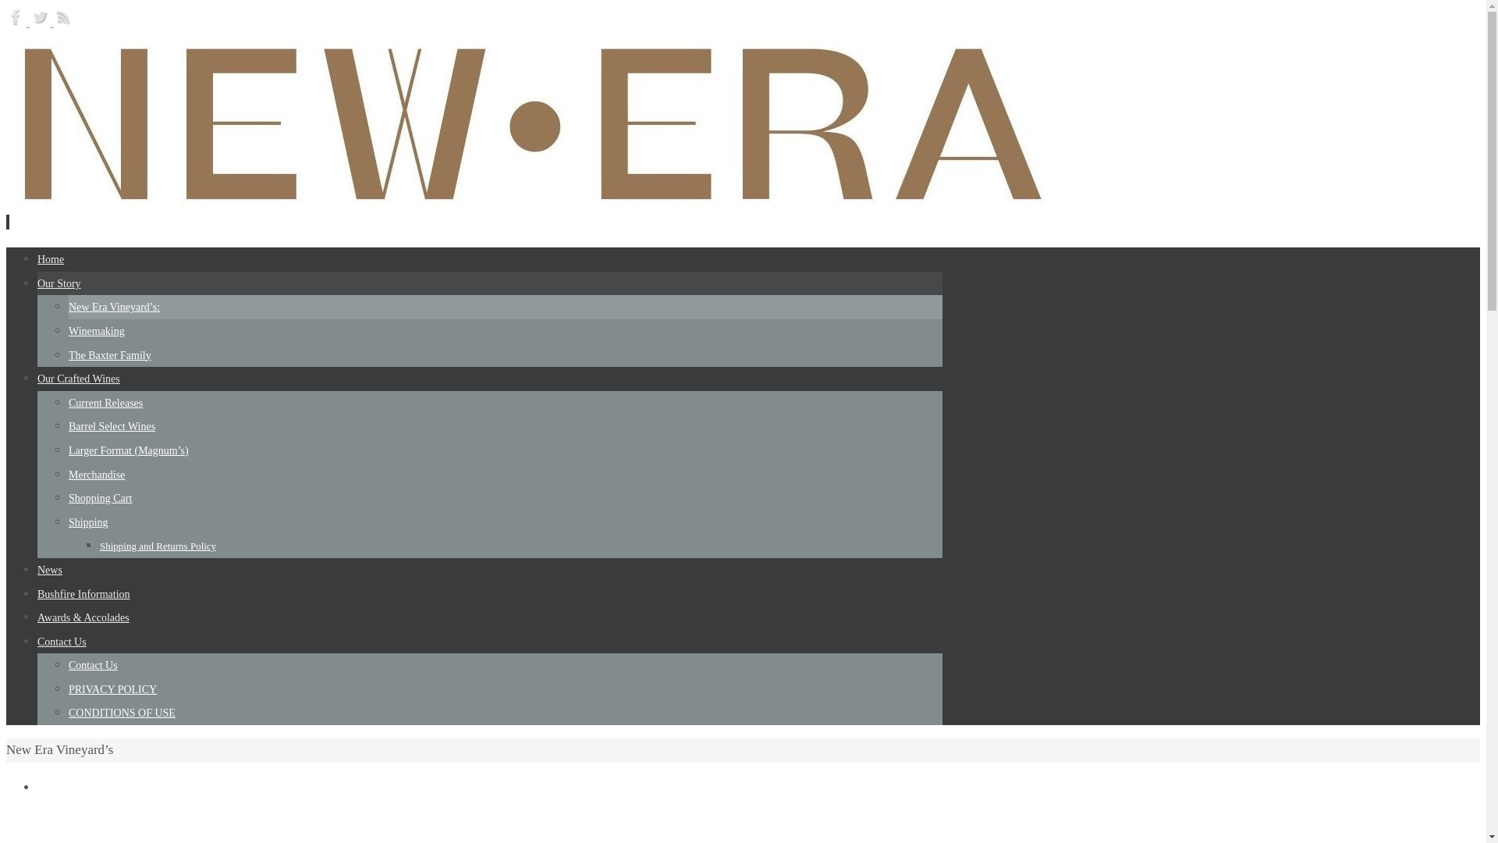 This screenshot has width=1498, height=843. What do you see at coordinates (37, 283) in the screenshot?
I see `'Our Story'` at bounding box center [37, 283].